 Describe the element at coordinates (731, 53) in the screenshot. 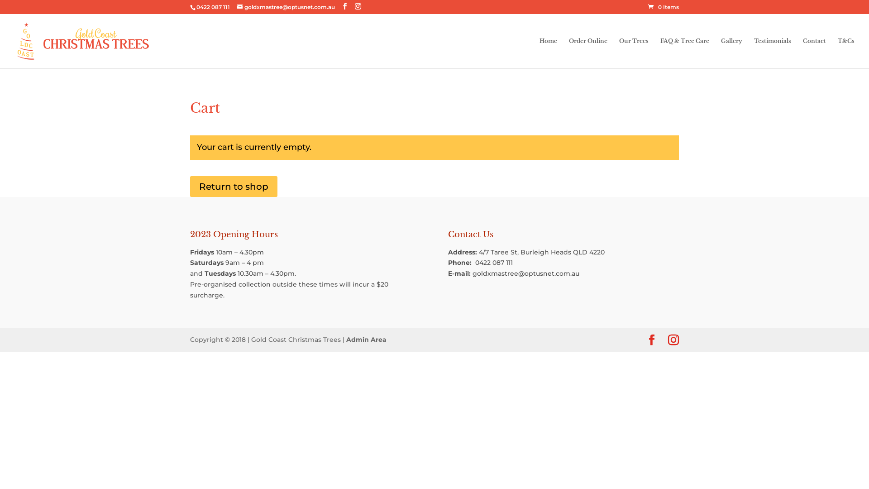

I see `'Gallery'` at that location.